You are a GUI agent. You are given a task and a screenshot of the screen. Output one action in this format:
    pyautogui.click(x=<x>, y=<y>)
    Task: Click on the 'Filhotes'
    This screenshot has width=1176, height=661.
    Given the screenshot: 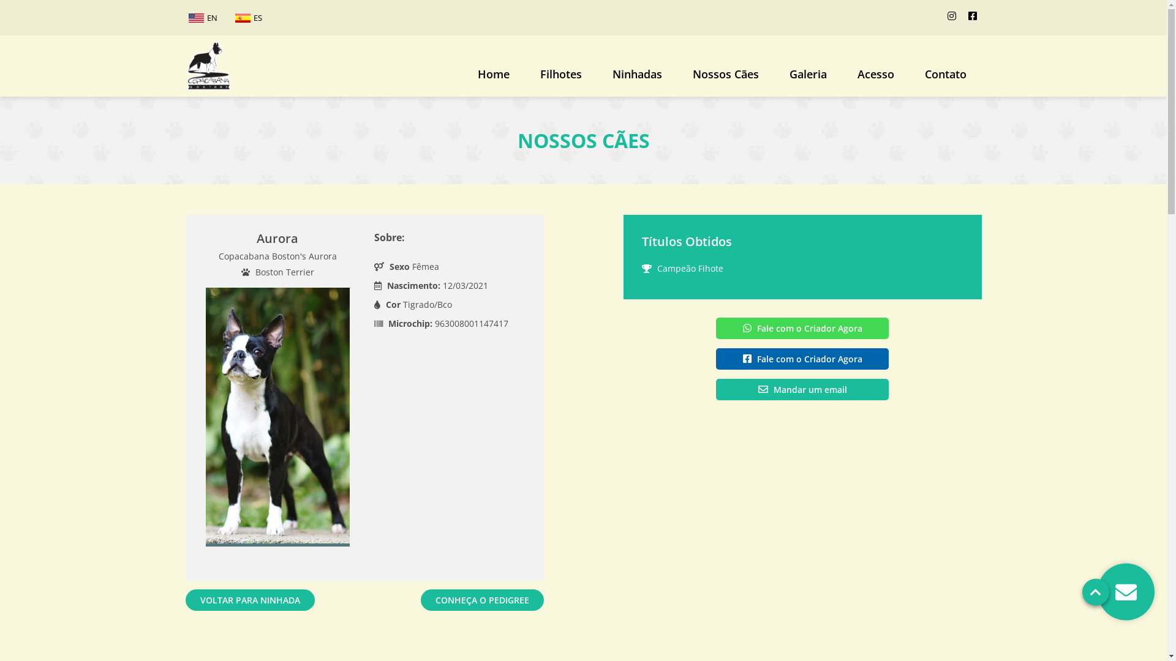 What is the action you would take?
    pyautogui.click(x=560, y=78)
    